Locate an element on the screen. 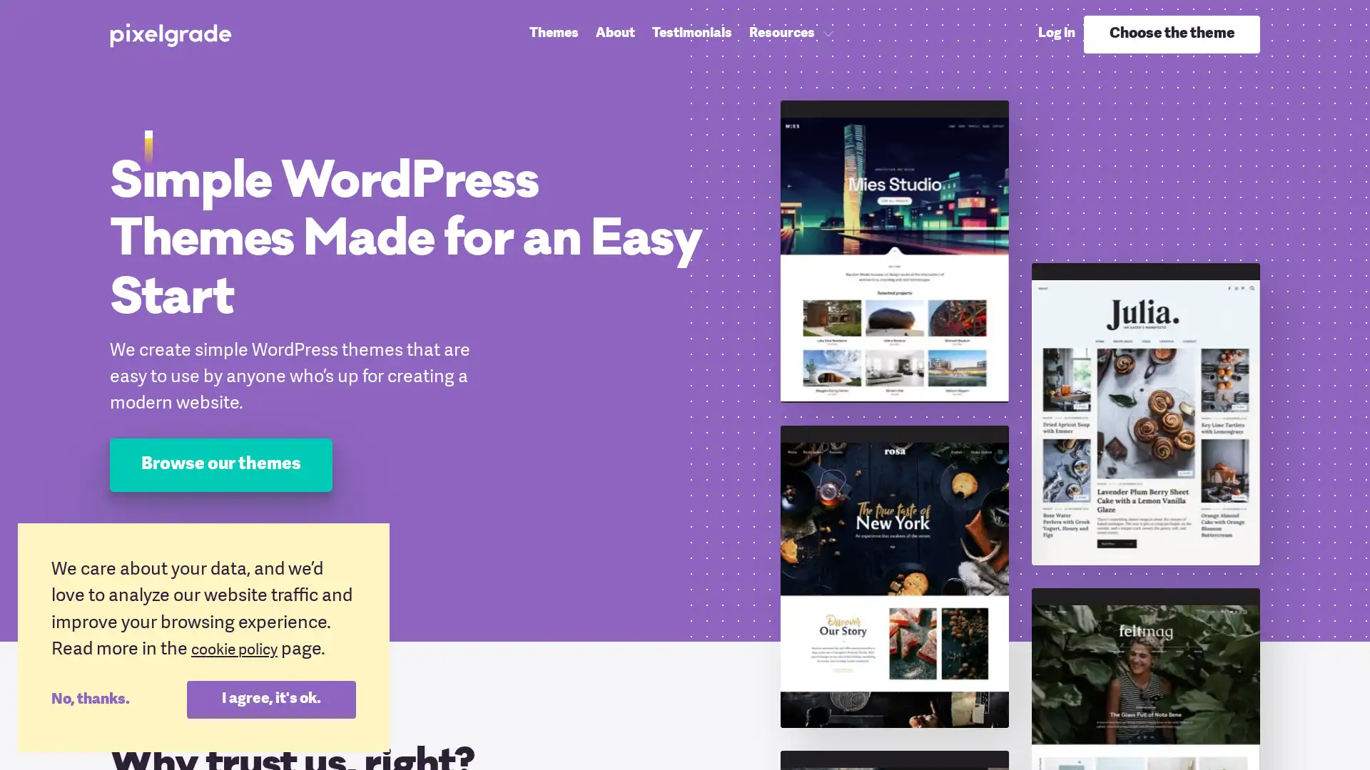 The width and height of the screenshot is (1370, 770). No, thanks. is located at coordinates (118, 698).